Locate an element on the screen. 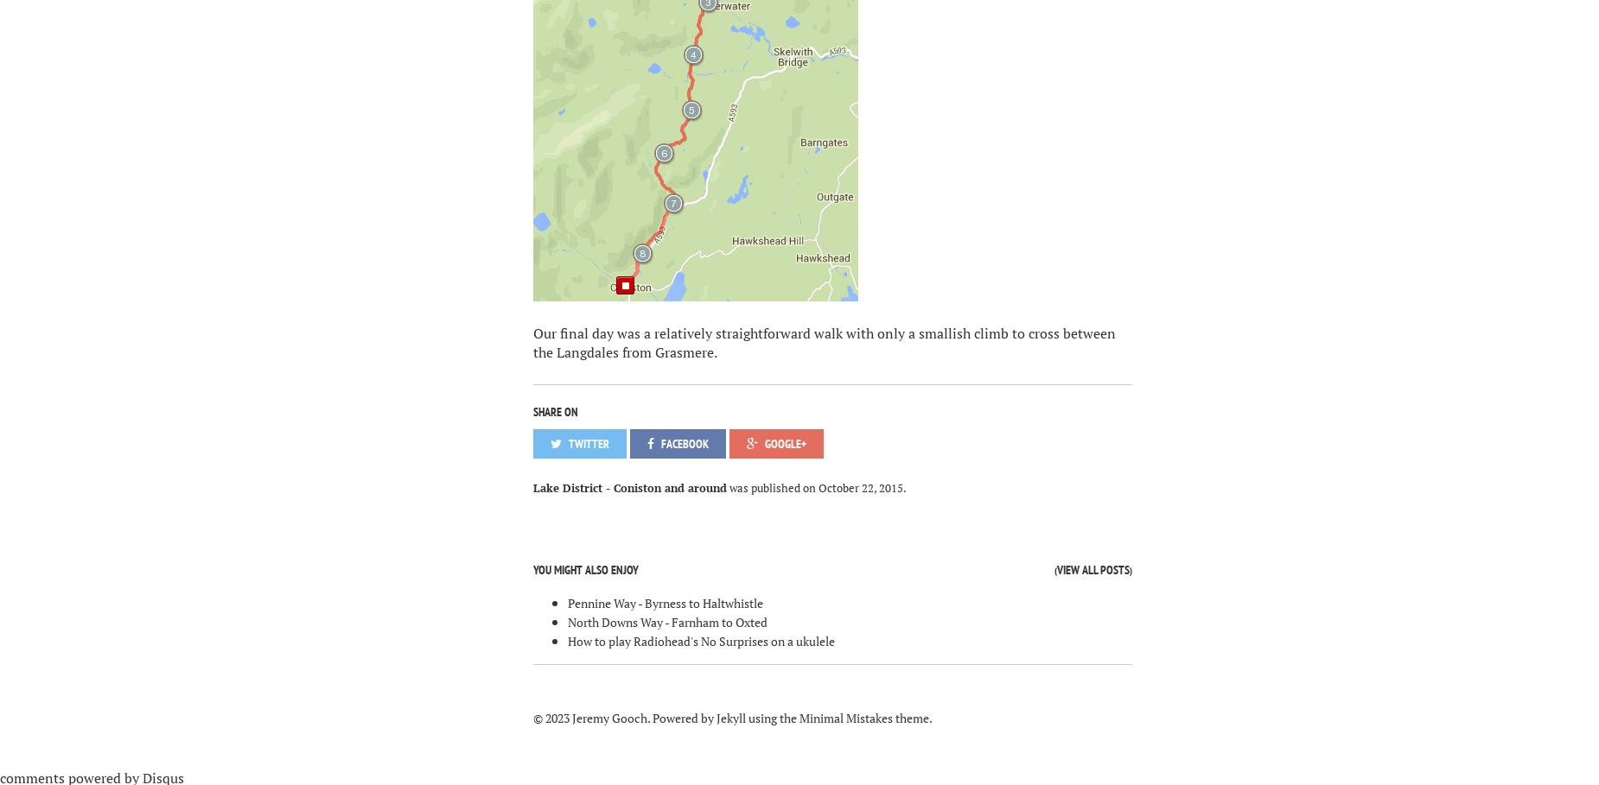  'was published on' is located at coordinates (771, 486).